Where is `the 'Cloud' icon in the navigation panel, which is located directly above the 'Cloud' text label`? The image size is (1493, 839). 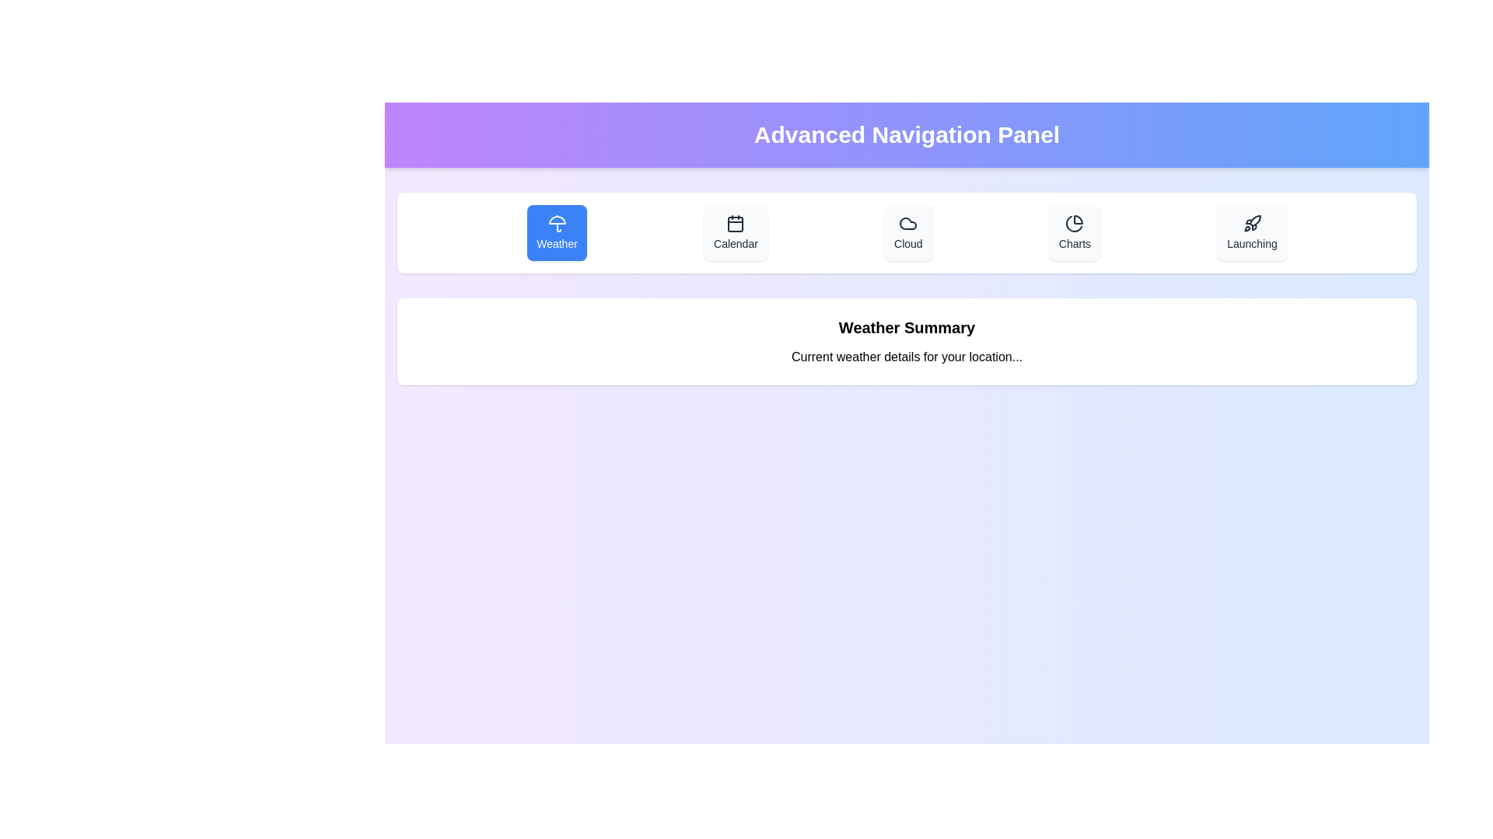
the 'Cloud' icon in the navigation panel, which is located directly above the 'Cloud' text label is located at coordinates (908, 224).